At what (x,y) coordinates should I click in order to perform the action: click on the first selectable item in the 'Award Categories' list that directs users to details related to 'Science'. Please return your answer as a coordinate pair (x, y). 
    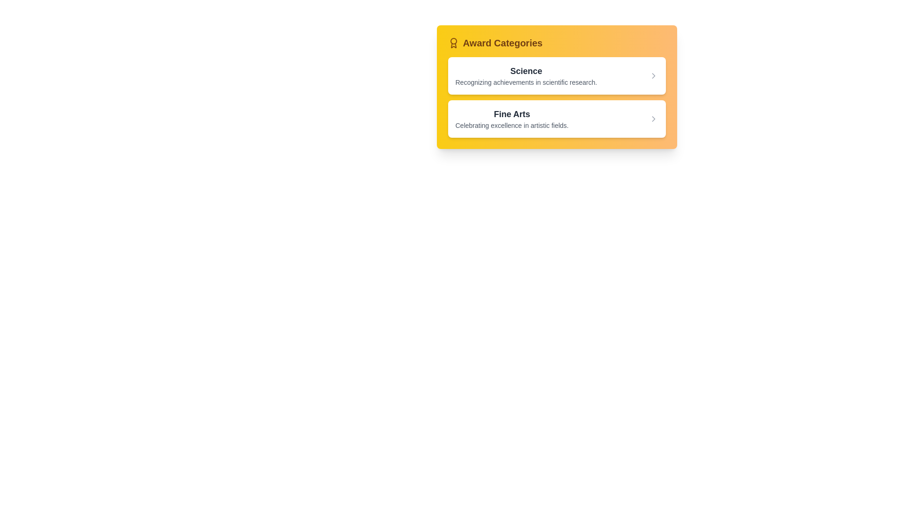
    Looking at the image, I should click on (557, 75).